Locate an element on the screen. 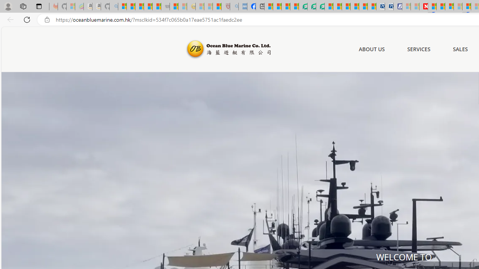 The width and height of the screenshot is (479, 269). 'Local - MSN' is located at coordinates (217, 6).